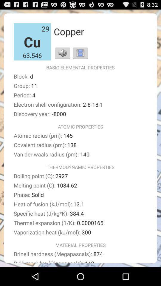 This screenshot has width=161, height=286. What do you see at coordinates (62, 52) in the screenshot?
I see `item to the right of 63.546 item` at bounding box center [62, 52].